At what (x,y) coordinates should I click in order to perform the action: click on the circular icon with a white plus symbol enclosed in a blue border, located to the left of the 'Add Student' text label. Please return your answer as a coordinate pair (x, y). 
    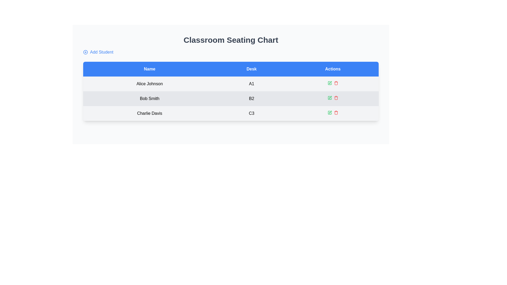
    Looking at the image, I should click on (86, 52).